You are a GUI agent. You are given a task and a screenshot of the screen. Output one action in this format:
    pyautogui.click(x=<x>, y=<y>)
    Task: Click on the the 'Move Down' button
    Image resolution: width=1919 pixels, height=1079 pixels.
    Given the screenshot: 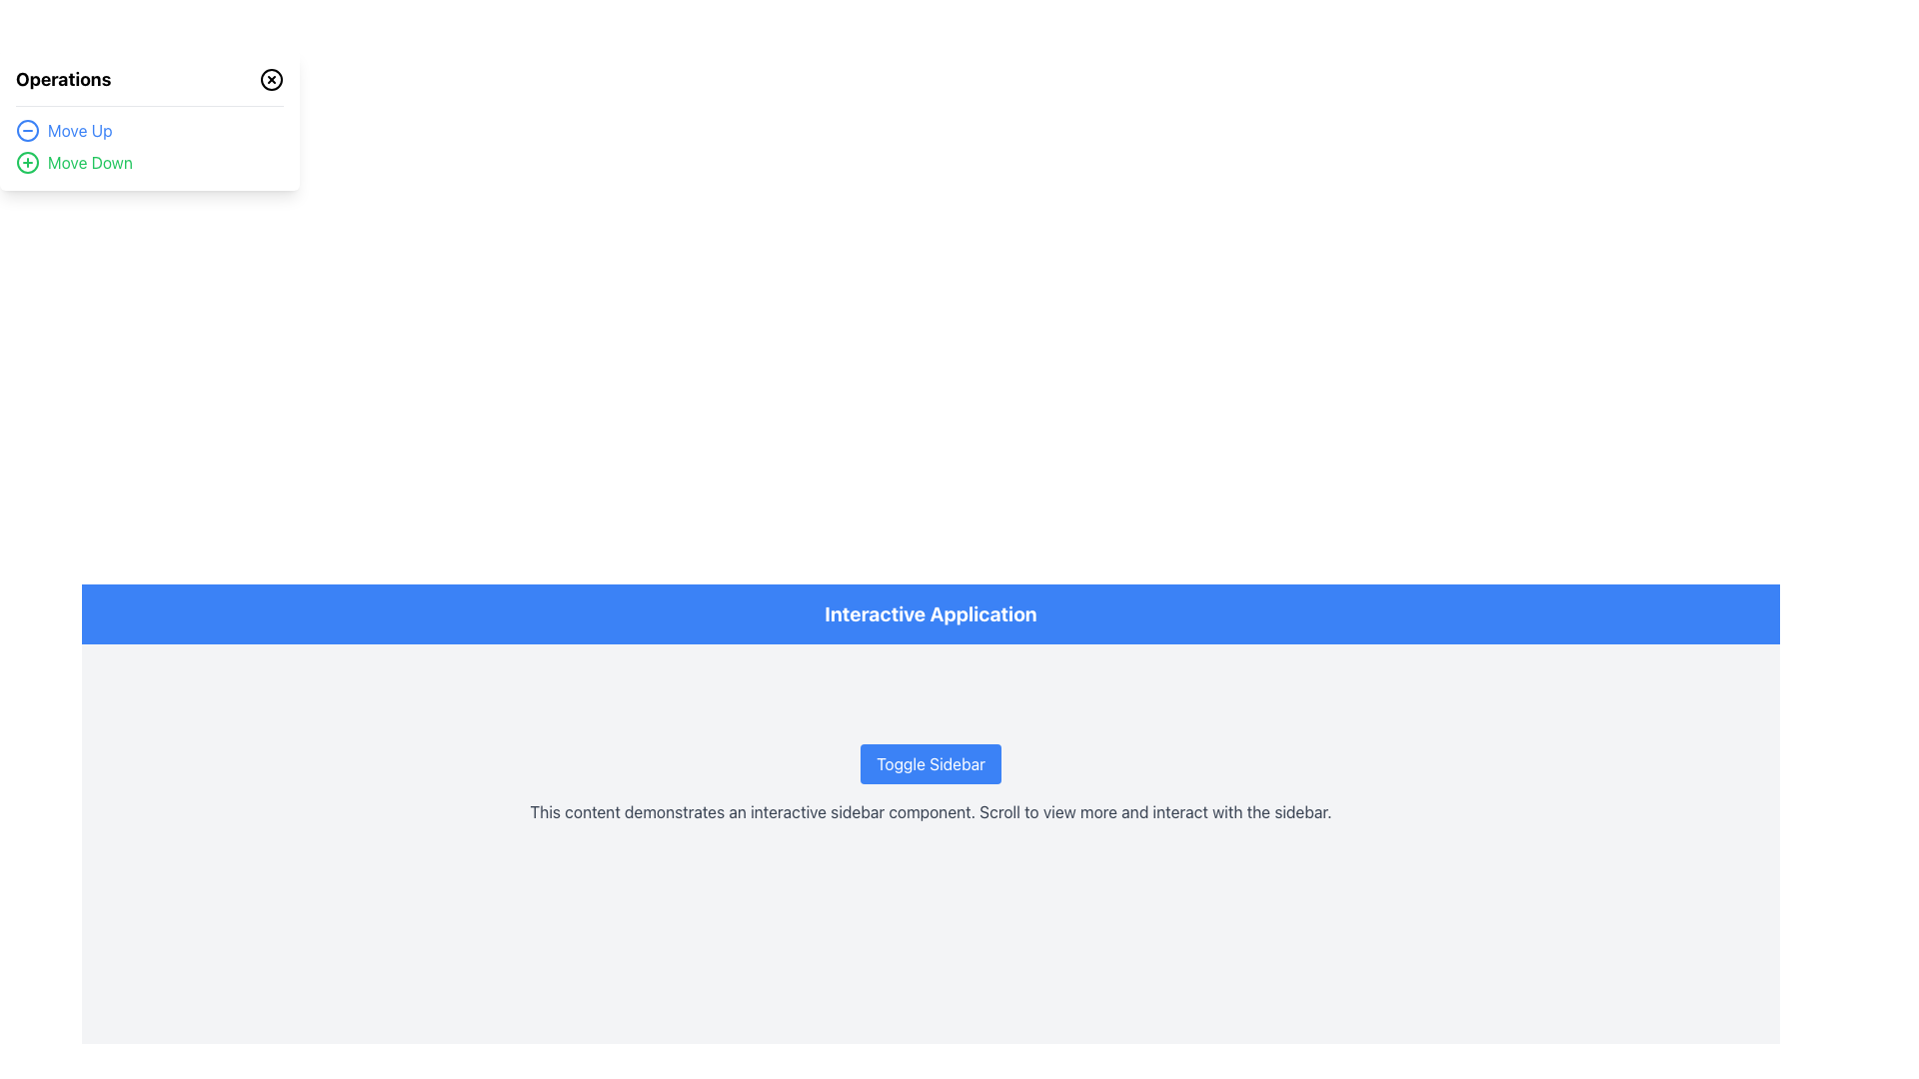 What is the action you would take?
    pyautogui.click(x=28, y=161)
    